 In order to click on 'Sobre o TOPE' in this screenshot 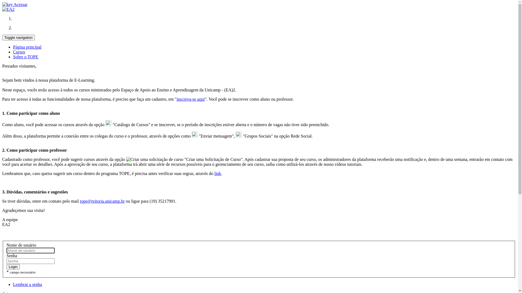, I will do `click(25, 57)`.